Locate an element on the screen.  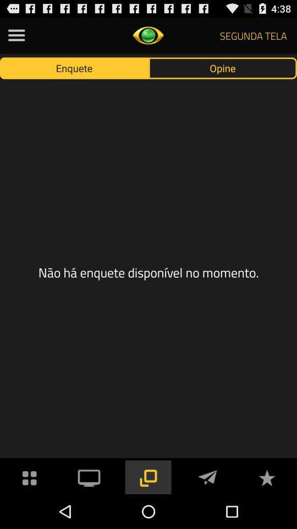
to favorites is located at coordinates (266, 476).